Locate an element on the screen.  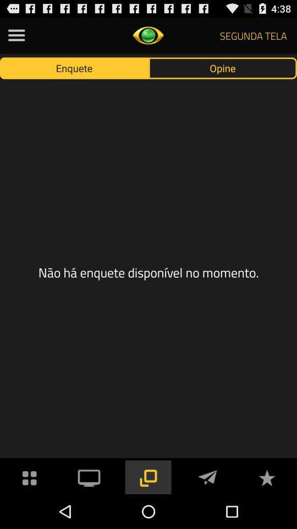
to favorites is located at coordinates (266, 476).